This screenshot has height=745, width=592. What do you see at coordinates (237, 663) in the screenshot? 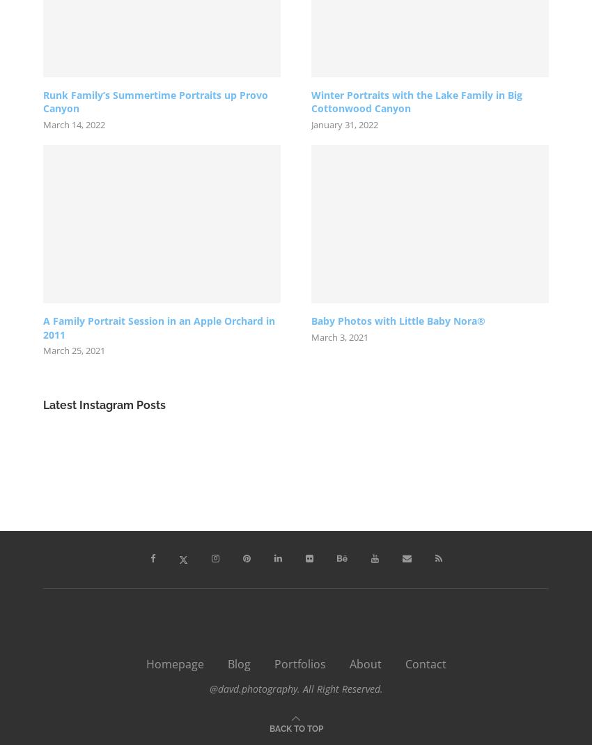
I see `'Blog'` at bounding box center [237, 663].